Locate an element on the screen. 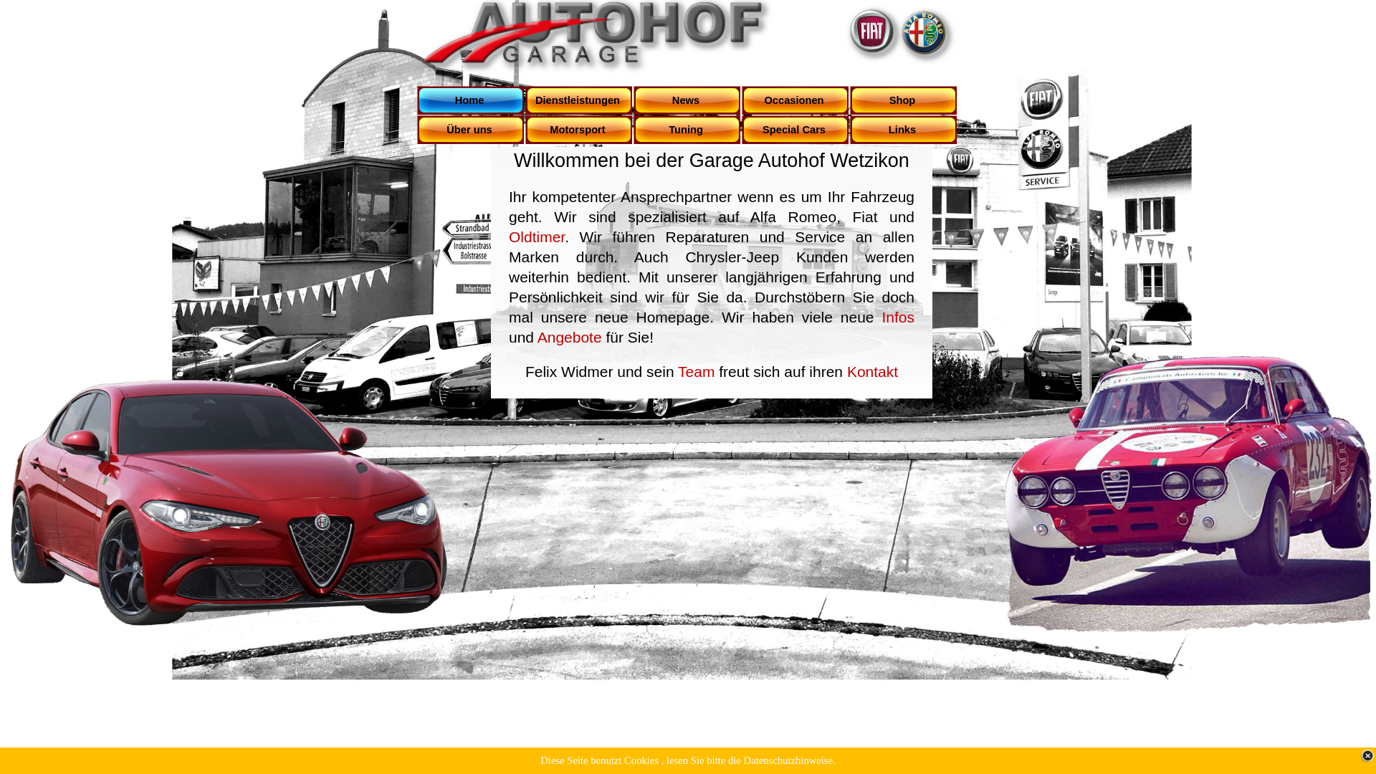 This screenshot has height=774, width=1376. 'News' is located at coordinates (687, 100).